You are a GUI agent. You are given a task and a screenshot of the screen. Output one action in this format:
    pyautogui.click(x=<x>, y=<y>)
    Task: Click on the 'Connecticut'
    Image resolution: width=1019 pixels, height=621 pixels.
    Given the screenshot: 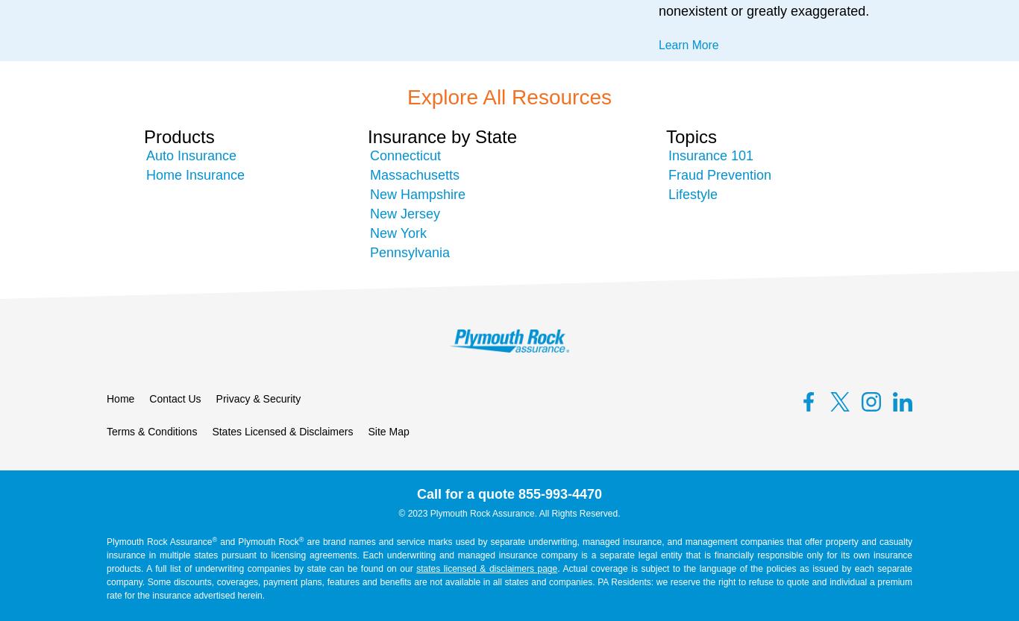 What is the action you would take?
    pyautogui.click(x=405, y=154)
    